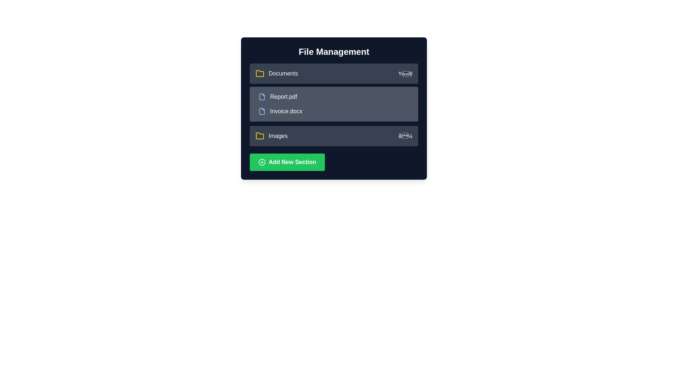  What do you see at coordinates (261, 111) in the screenshot?
I see `the blue file document icon located to the left of 'Invoice.docx' in the 'File Management' interface for understanding the item type` at bounding box center [261, 111].